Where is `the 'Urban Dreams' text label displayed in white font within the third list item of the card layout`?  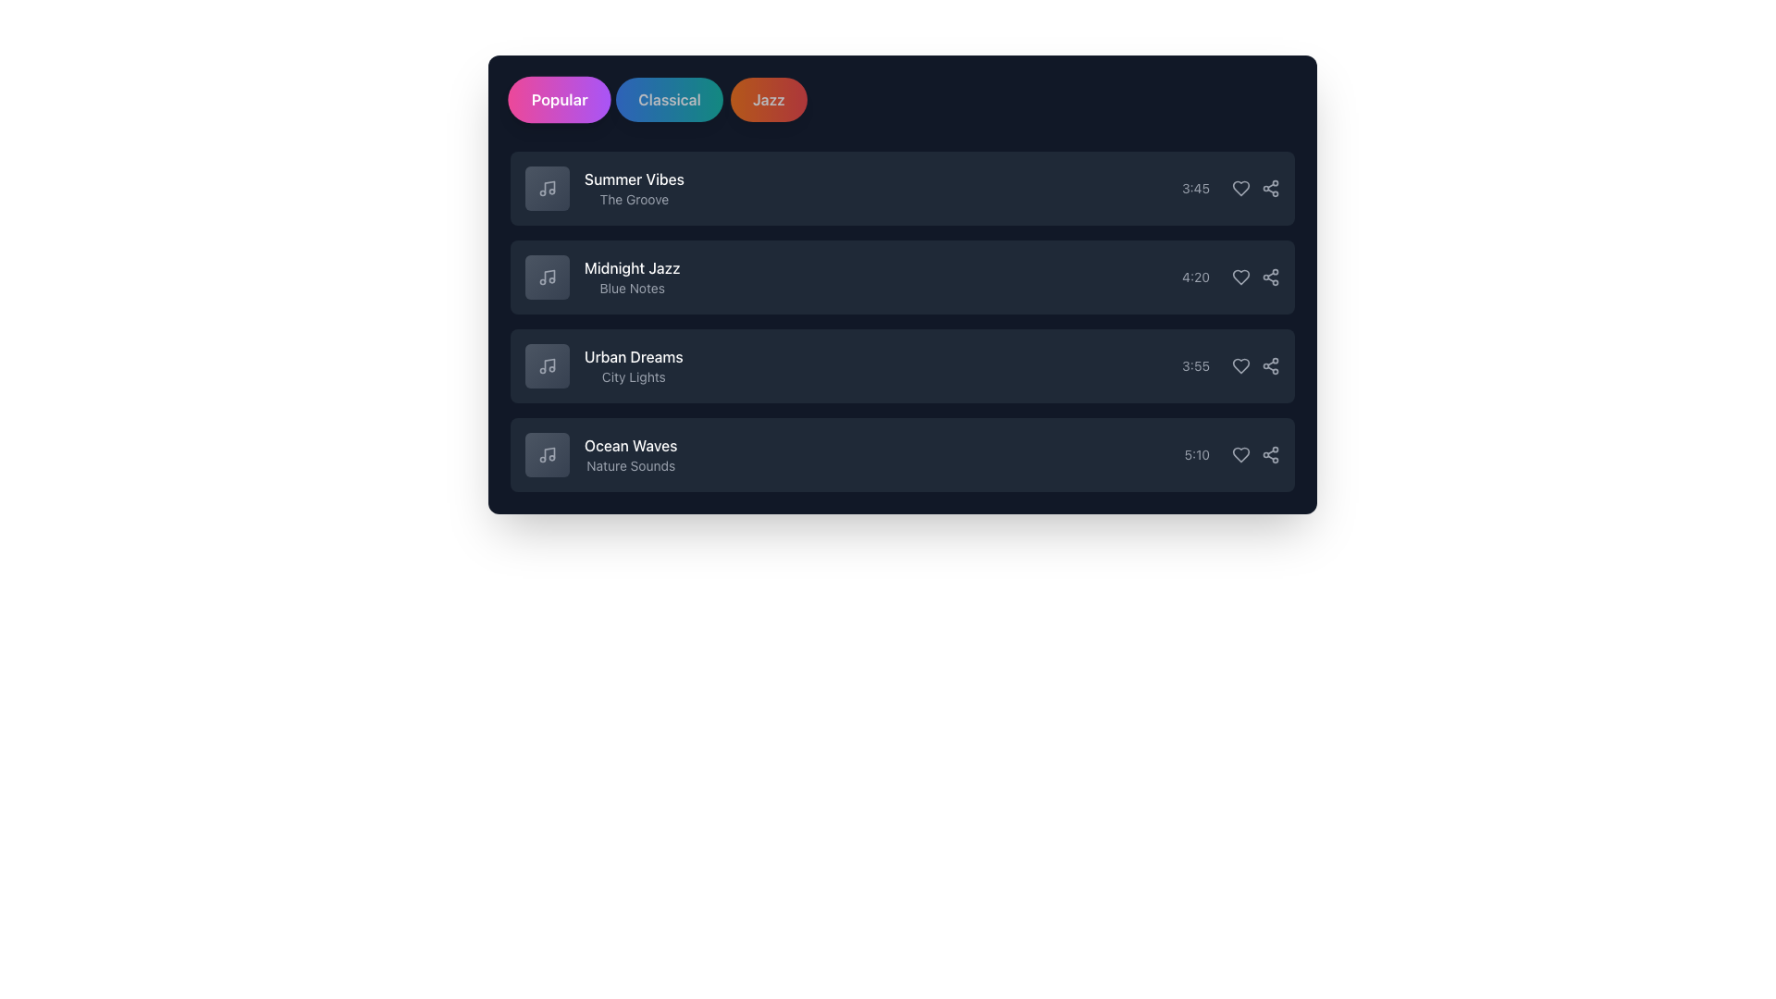 the 'Urban Dreams' text label displayed in white font within the third list item of the card layout is located at coordinates (634, 356).